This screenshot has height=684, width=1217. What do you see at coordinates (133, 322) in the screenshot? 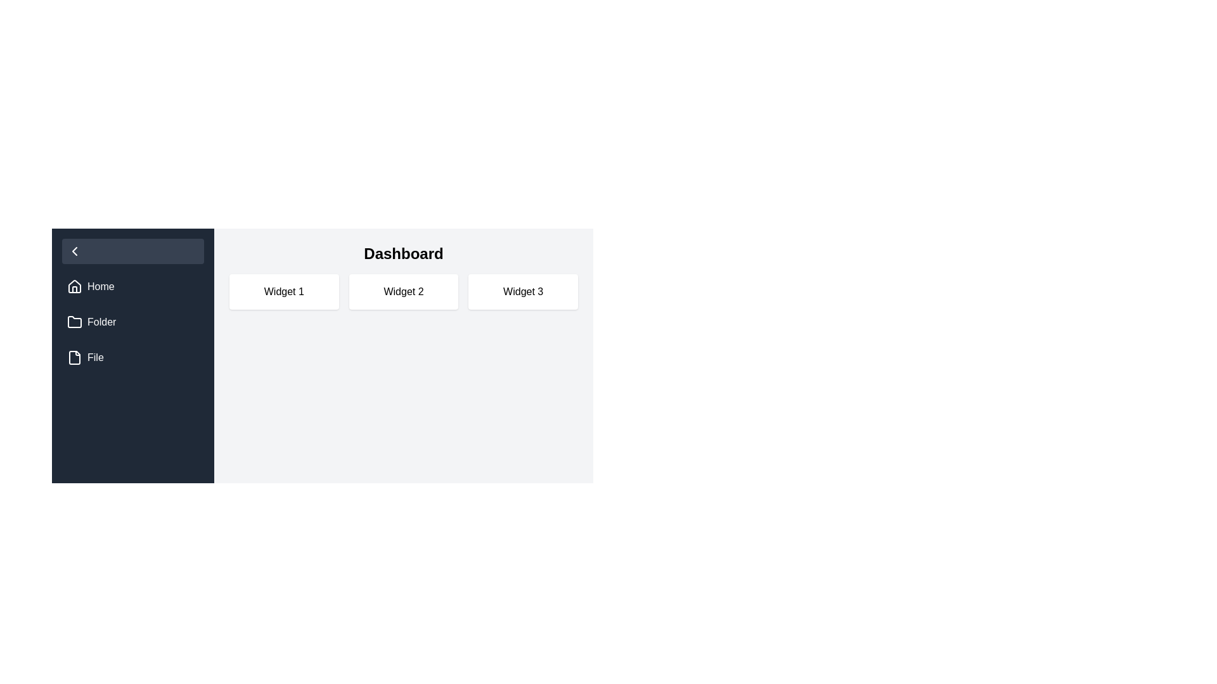
I see `the 'Folder' button located in the vertical list menu in the sidebar` at bounding box center [133, 322].